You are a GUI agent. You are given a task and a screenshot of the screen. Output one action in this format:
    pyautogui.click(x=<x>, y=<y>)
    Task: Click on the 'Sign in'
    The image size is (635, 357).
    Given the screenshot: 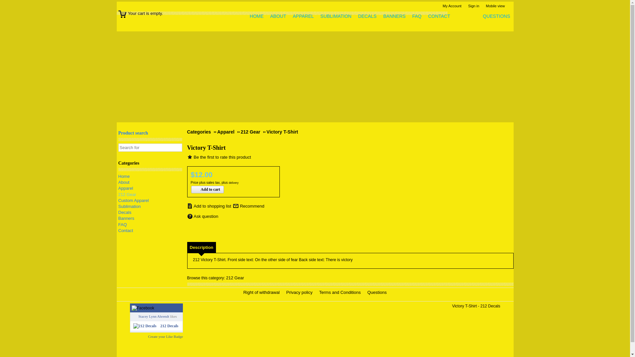 What is the action you would take?
    pyautogui.click(x=475, y=6)
    